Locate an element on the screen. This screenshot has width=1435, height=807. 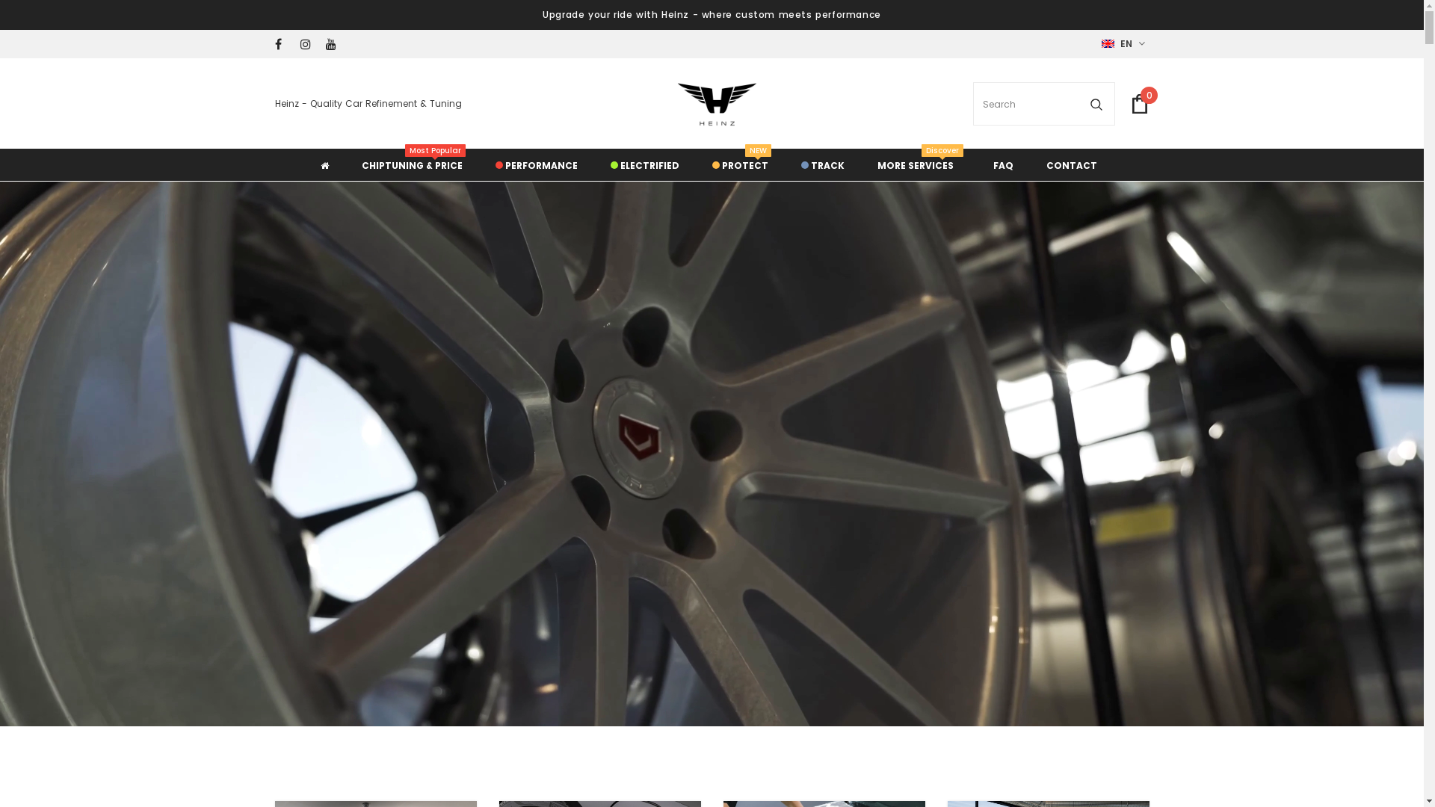
'Instagram' is located at coordinates (300, 43).